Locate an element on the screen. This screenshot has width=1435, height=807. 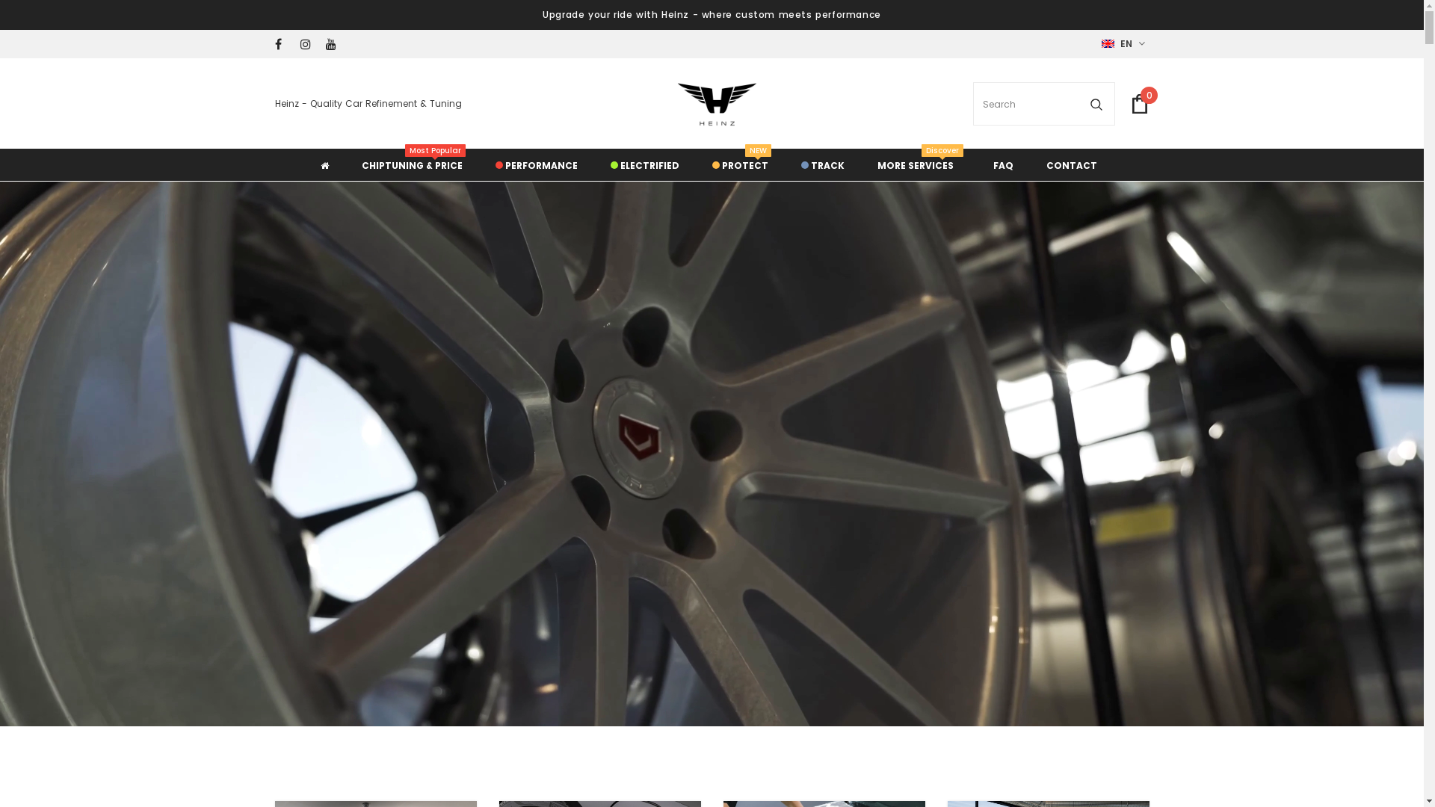
'Instagram' is located at coordinates (300, 43).